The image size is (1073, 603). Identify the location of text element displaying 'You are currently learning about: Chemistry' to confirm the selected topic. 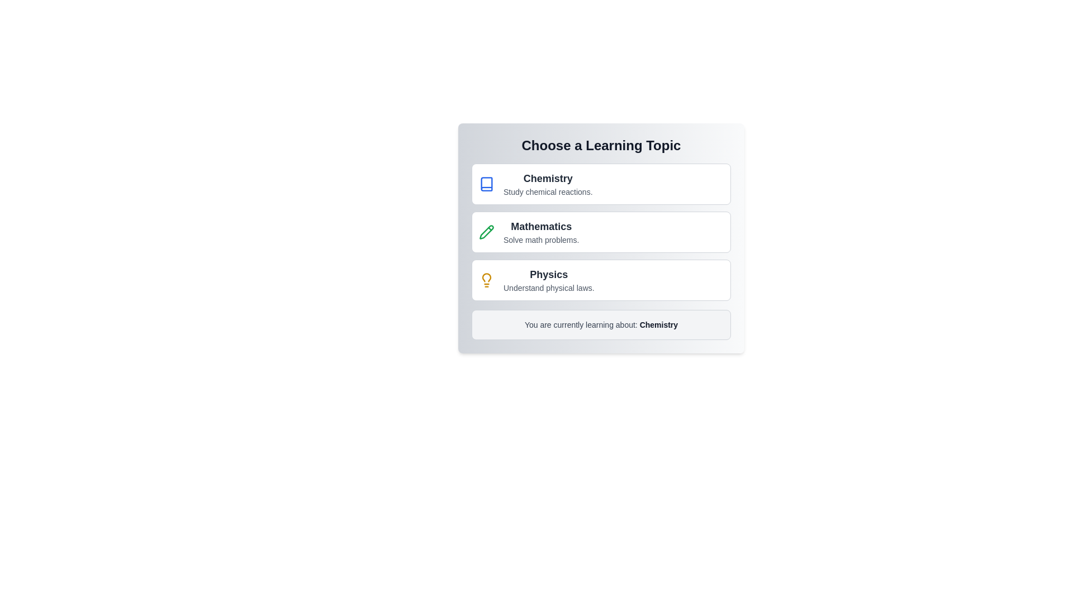
(600, 325).